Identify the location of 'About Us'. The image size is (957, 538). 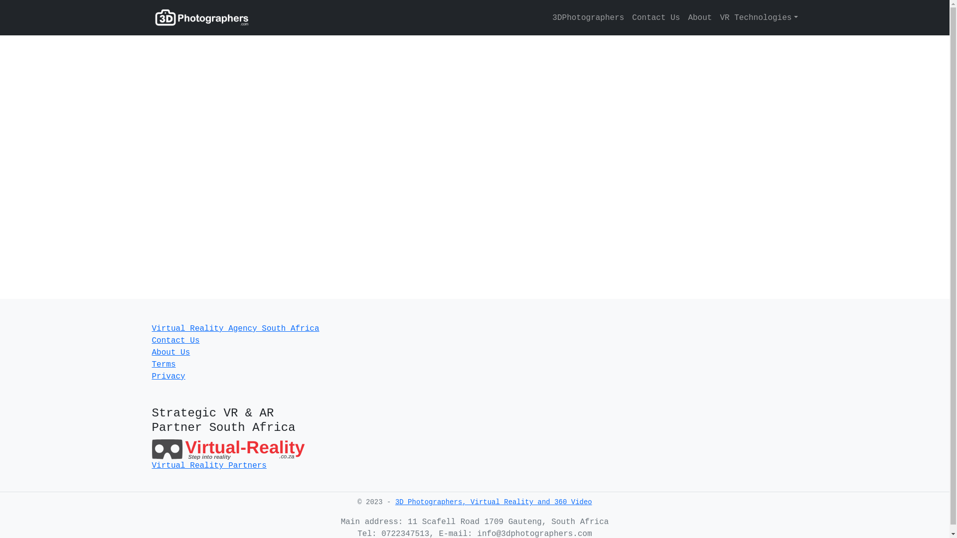
(170, 352).